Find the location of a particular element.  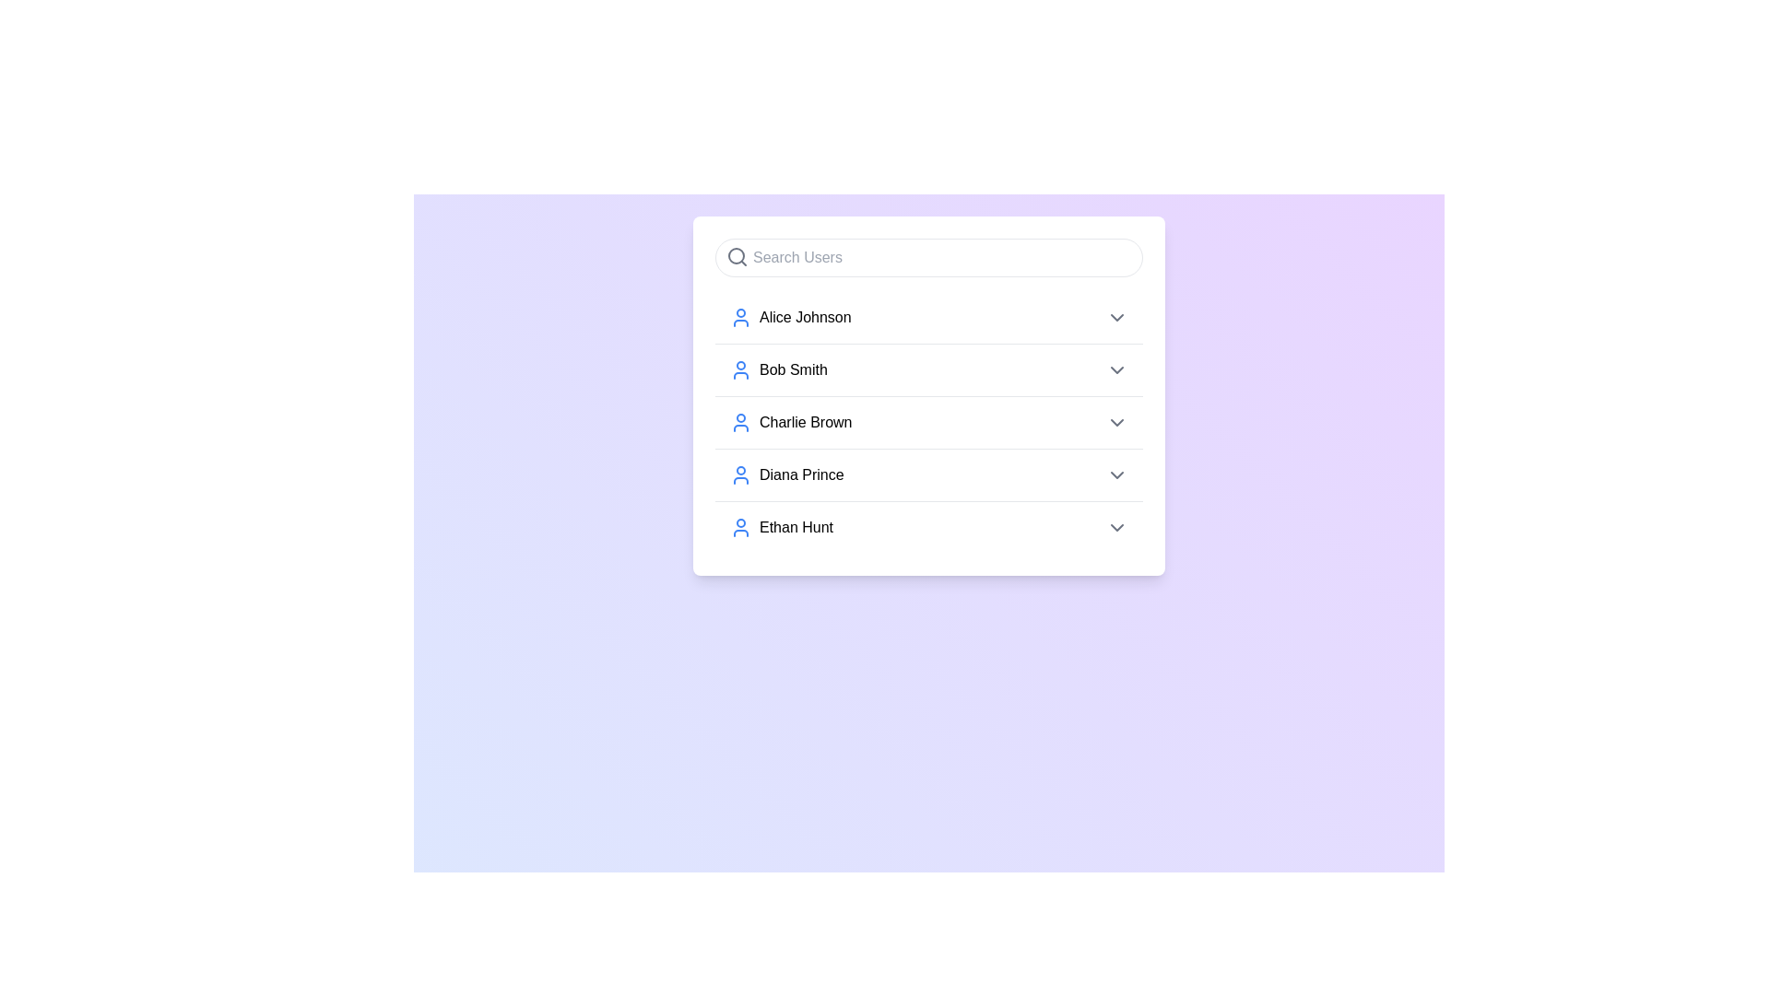

the list item representing the user entry 'Charlie Brown', which is the third entry in the list is located at coordinates (929, 394).